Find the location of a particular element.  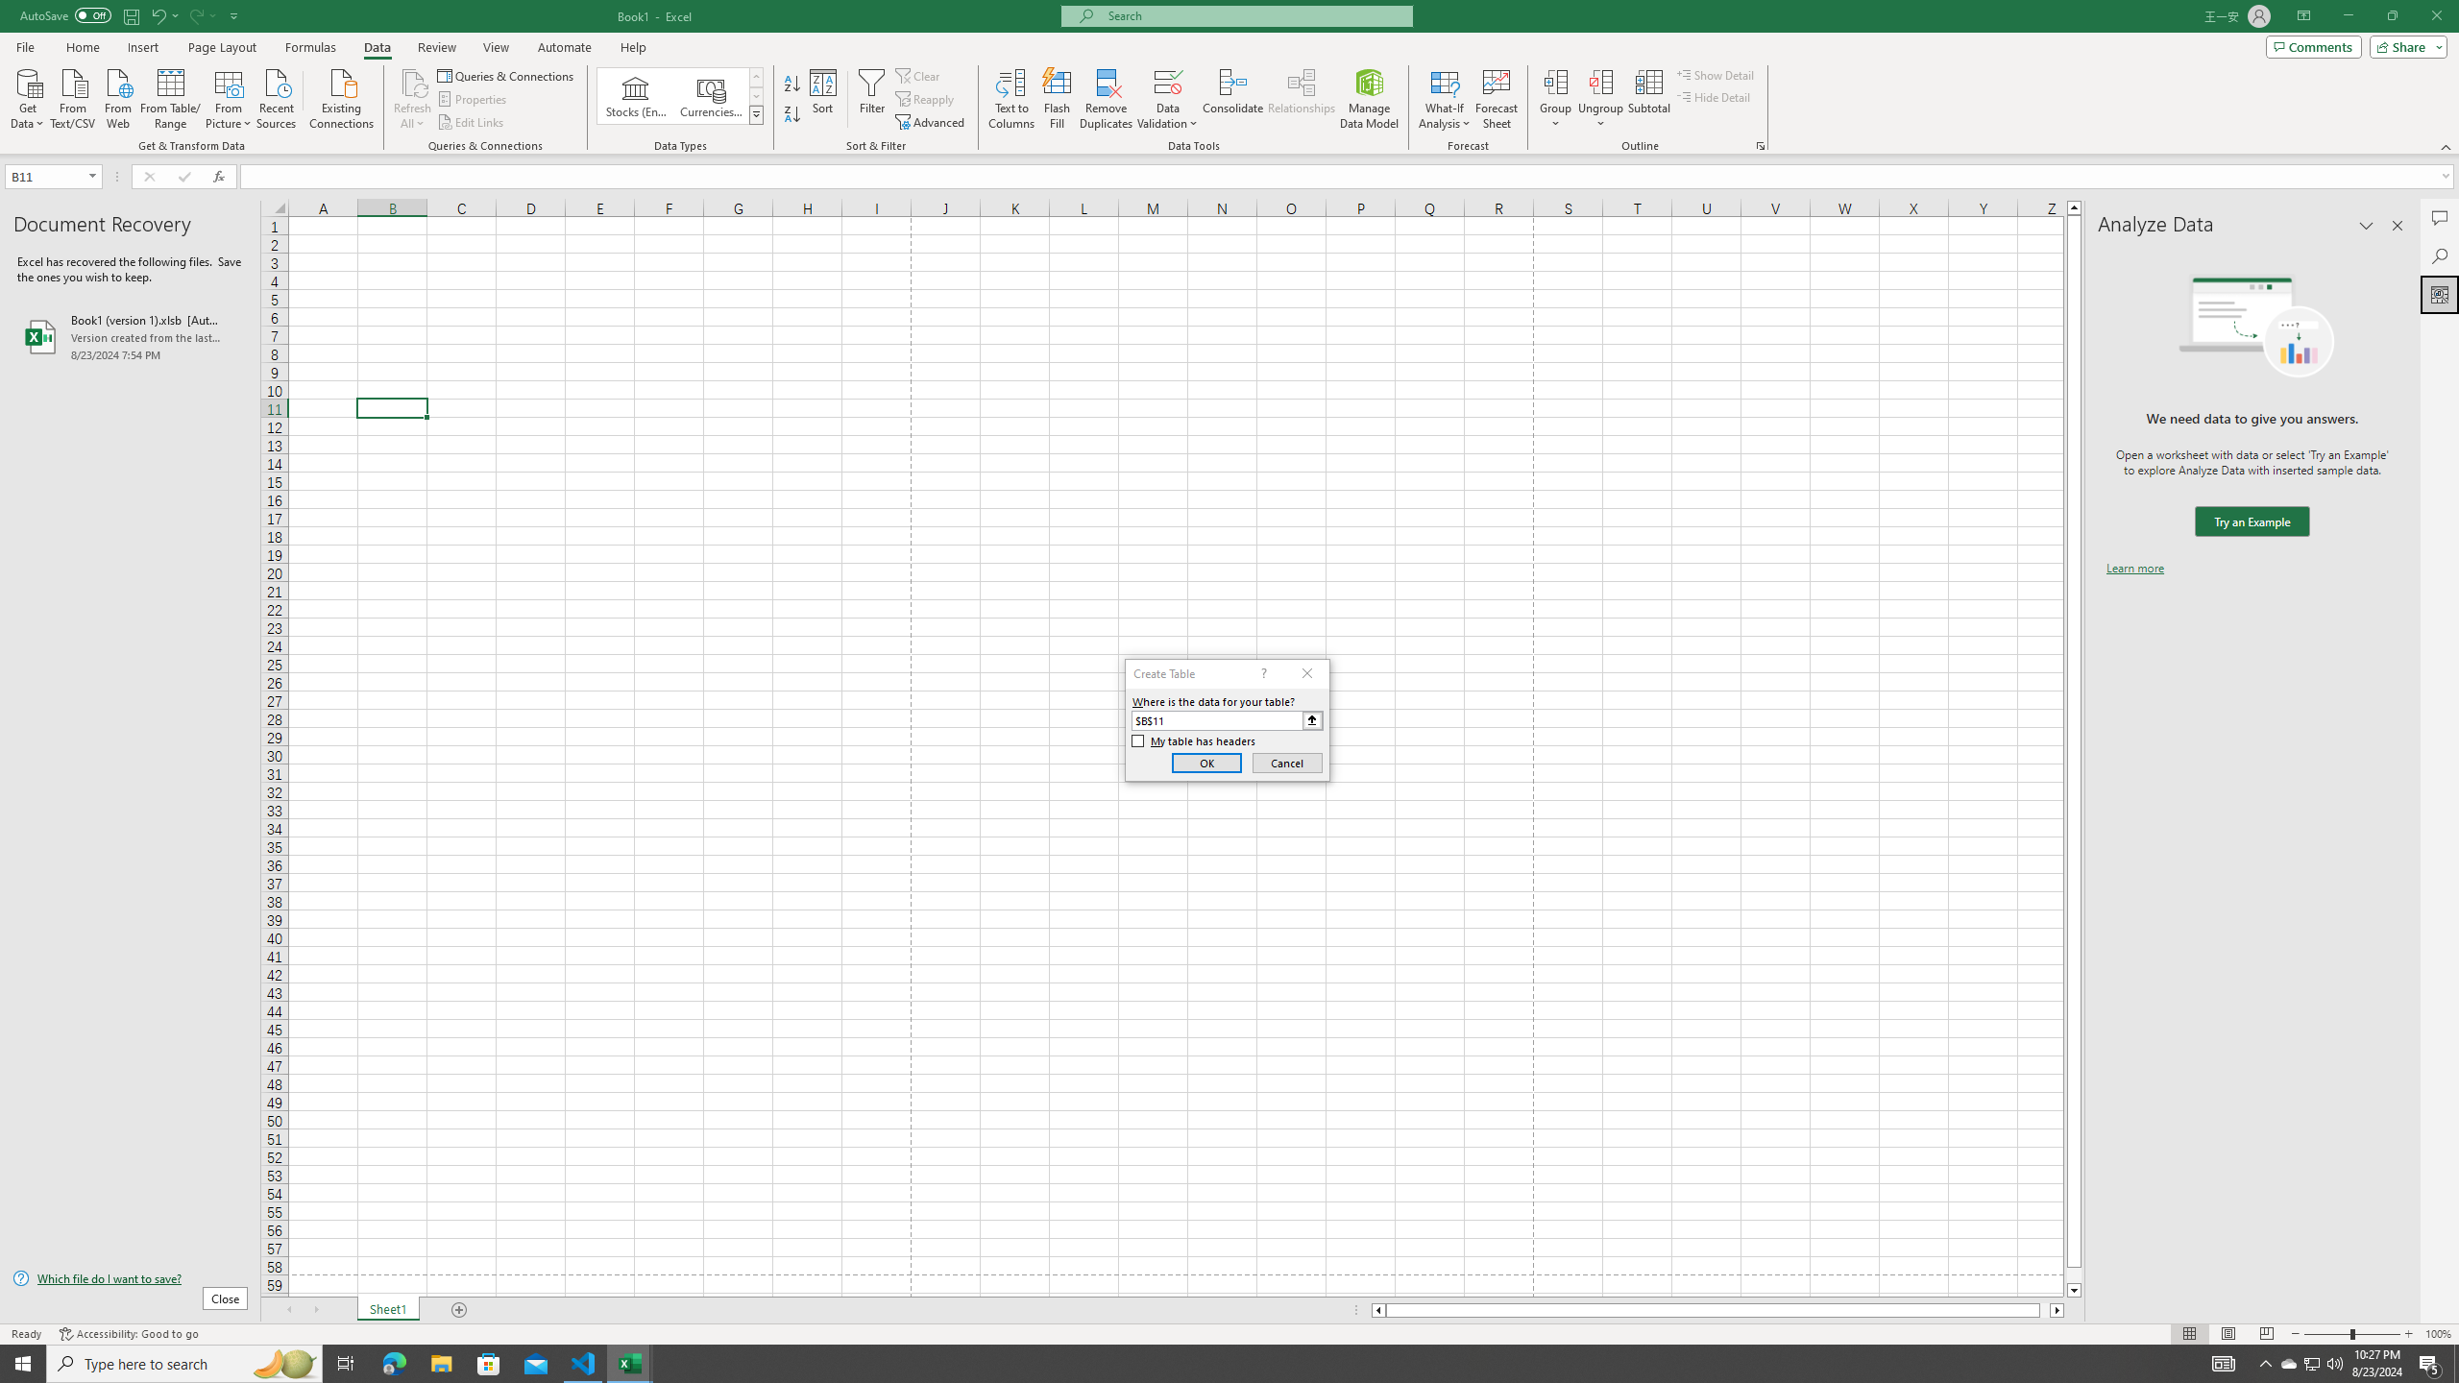

'From Text/CSV' is located at coordinates (73, 96).